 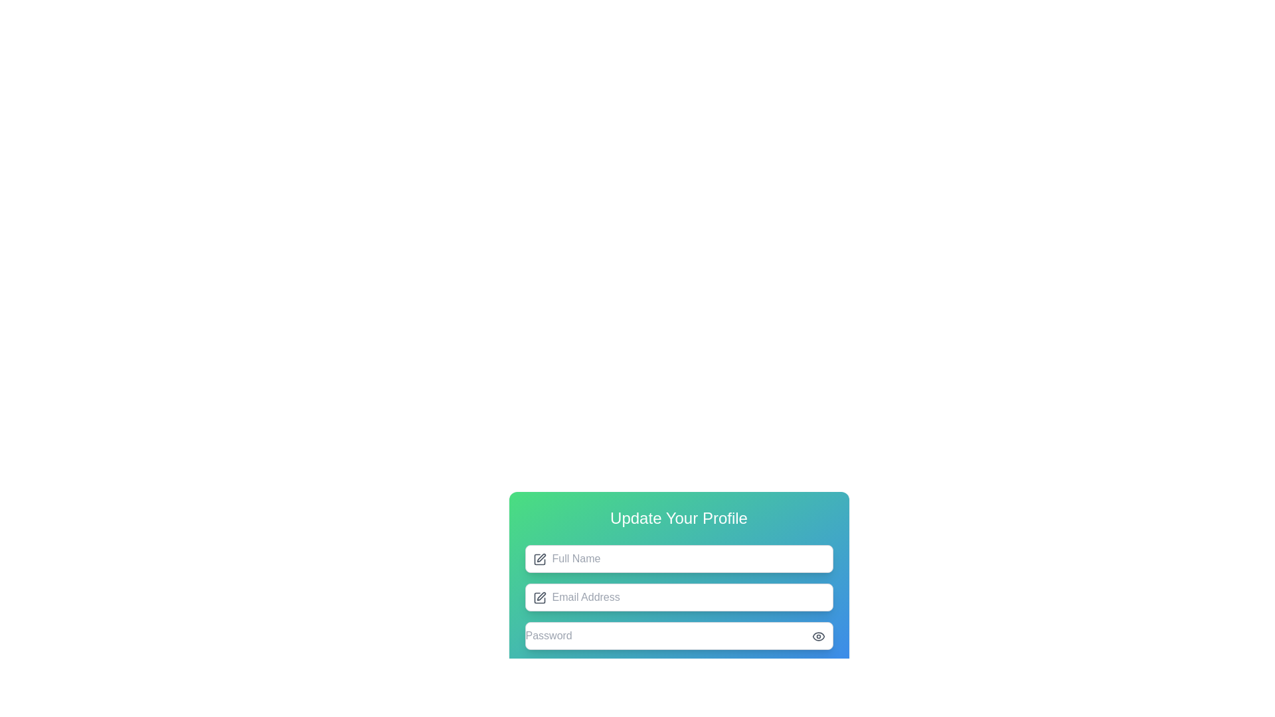 What do you see at coordinates (539, 598) in the screenshot?
I see `the editable icon located in the upper-left corner of the 'Email Address' input field` at bounding box center [539, 598].